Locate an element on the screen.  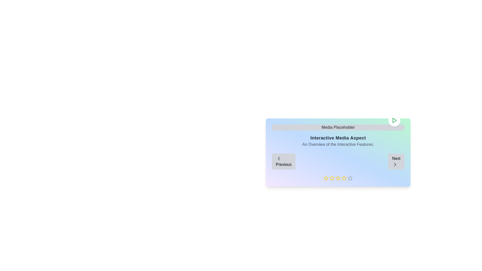
the left-pointing chevron SVG arrow icon located inside the 'Previous' button at the bottom-left area of the interface is located at coordinates (278, 159).